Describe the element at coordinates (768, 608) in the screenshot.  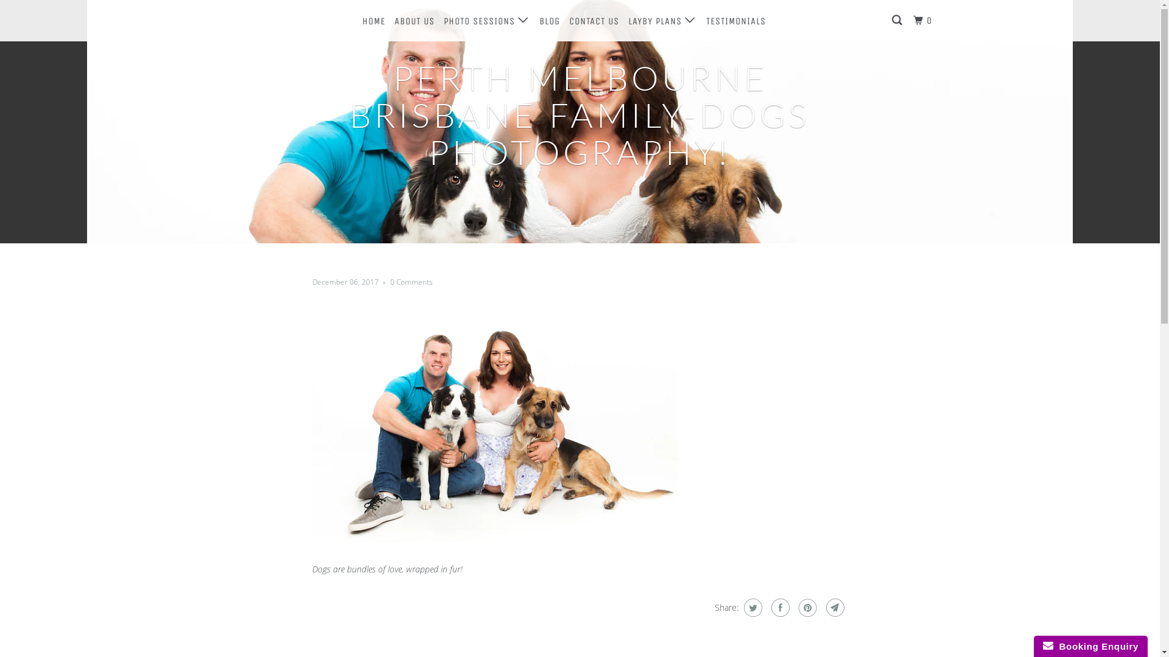
I see `'Share this on Facebook'` at that location.